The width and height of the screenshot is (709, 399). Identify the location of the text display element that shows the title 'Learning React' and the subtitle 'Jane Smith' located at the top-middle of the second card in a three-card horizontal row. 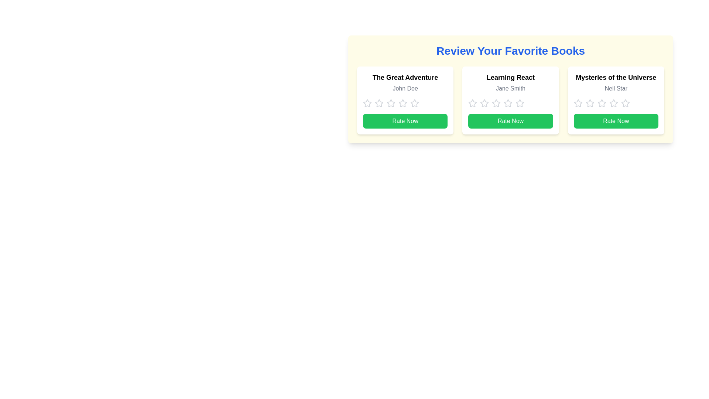
(510, 83).